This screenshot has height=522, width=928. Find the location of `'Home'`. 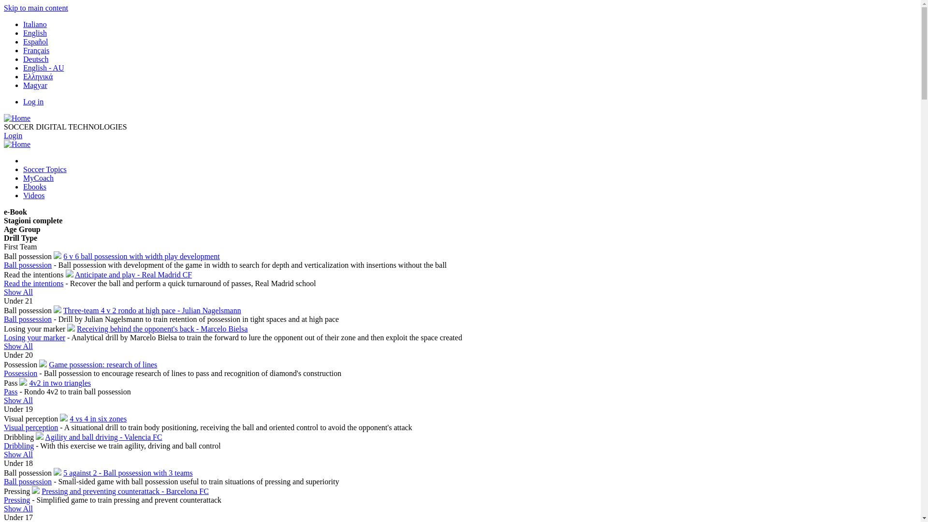

'Home' is located at coordinates (4, 117).